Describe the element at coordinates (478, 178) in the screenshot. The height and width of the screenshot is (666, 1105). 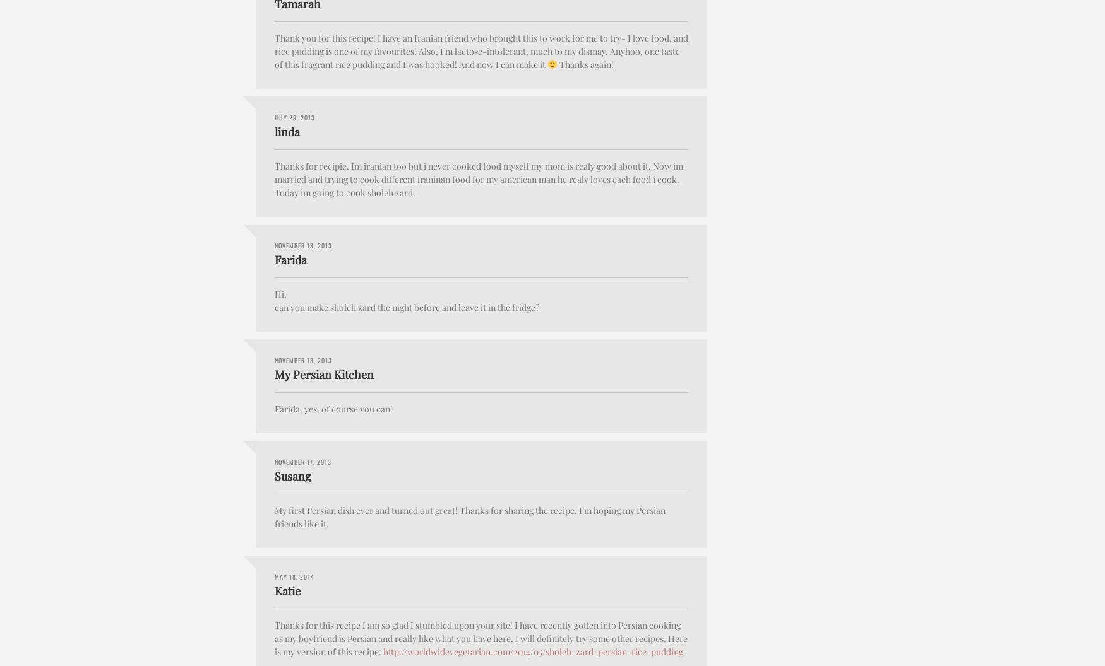
I see `'Thanks for recipie. Im iranian too but i never cooked food myself my mom is realy good about it. Now im married and trying to cook different iraninan food for my american man he realy loves each food i cook. Today im going to cook sholeh zard.'` at that location.